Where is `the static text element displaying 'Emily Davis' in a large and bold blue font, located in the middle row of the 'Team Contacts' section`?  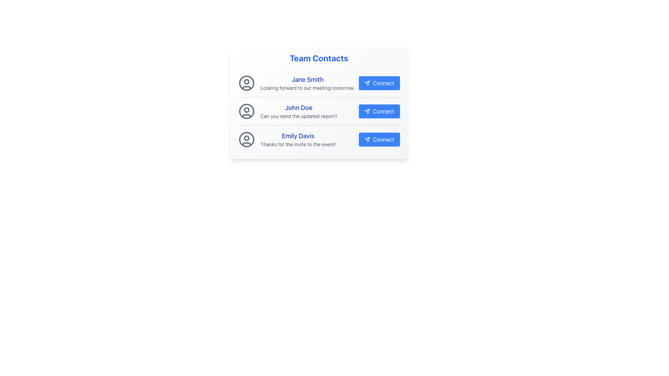 the static text element displaying 'Emily Davis' in a large and bold blue font, located in the middle row of the 'Team Contacts' section is located at coordinates (298, 136).